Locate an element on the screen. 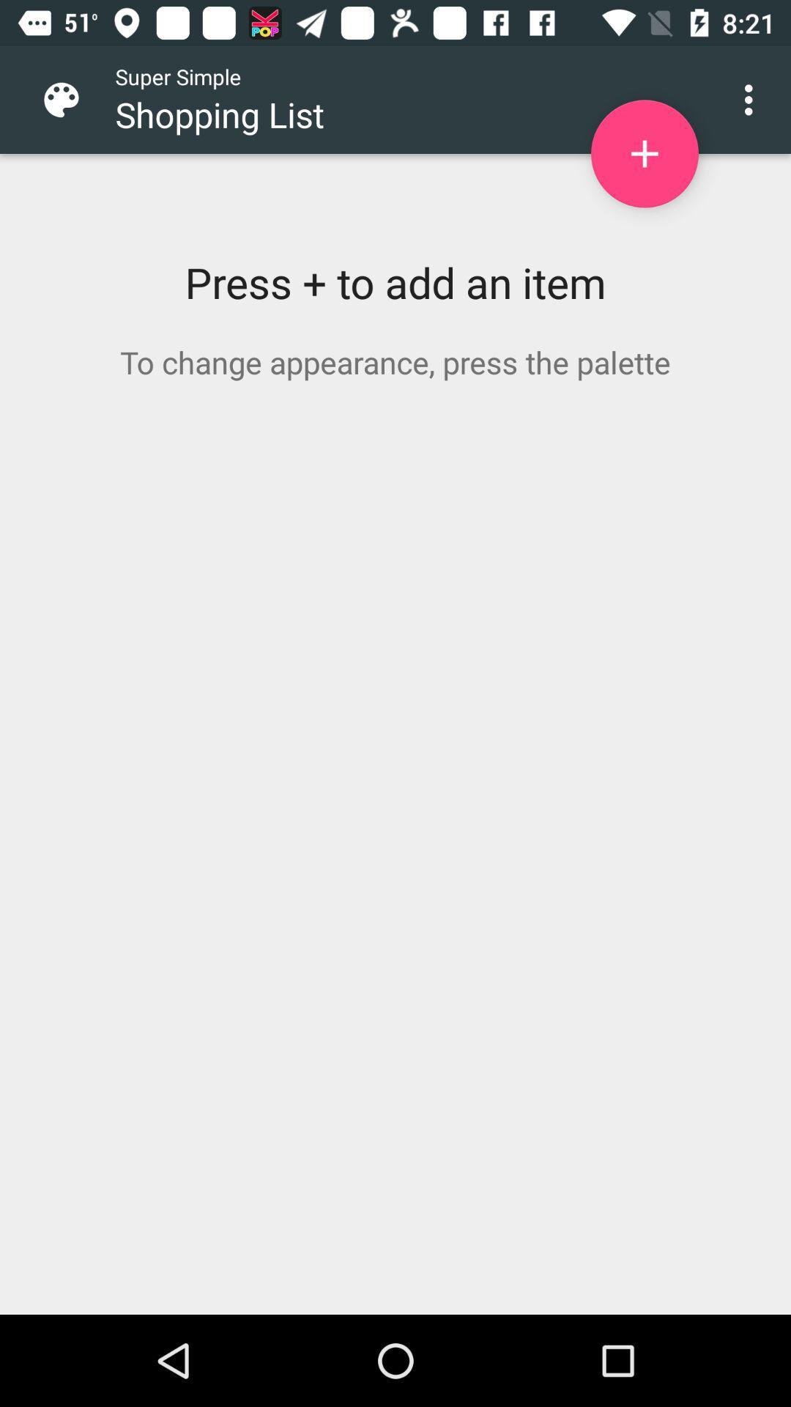 The width and height of the screenshot is (791, 1407). an item is located at coordinates (644, 154).